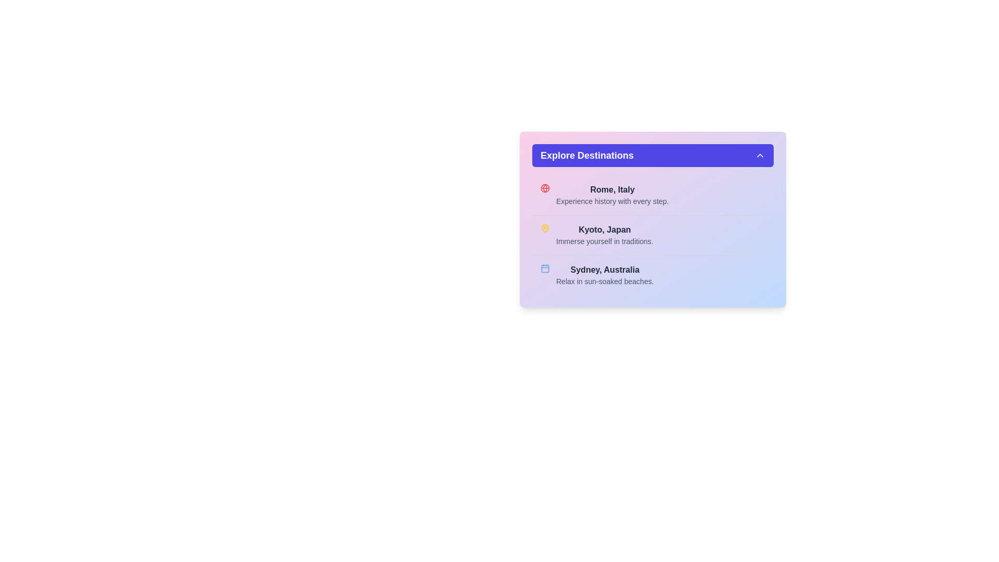 The width and height of the screenshot is (999, 562). Describe the element at coordinates (544, 268) in the screenshot. I see `the light blue calendar icon associated with 'Sydney, Australia' in the 'Explore Destinations' section` at that location.